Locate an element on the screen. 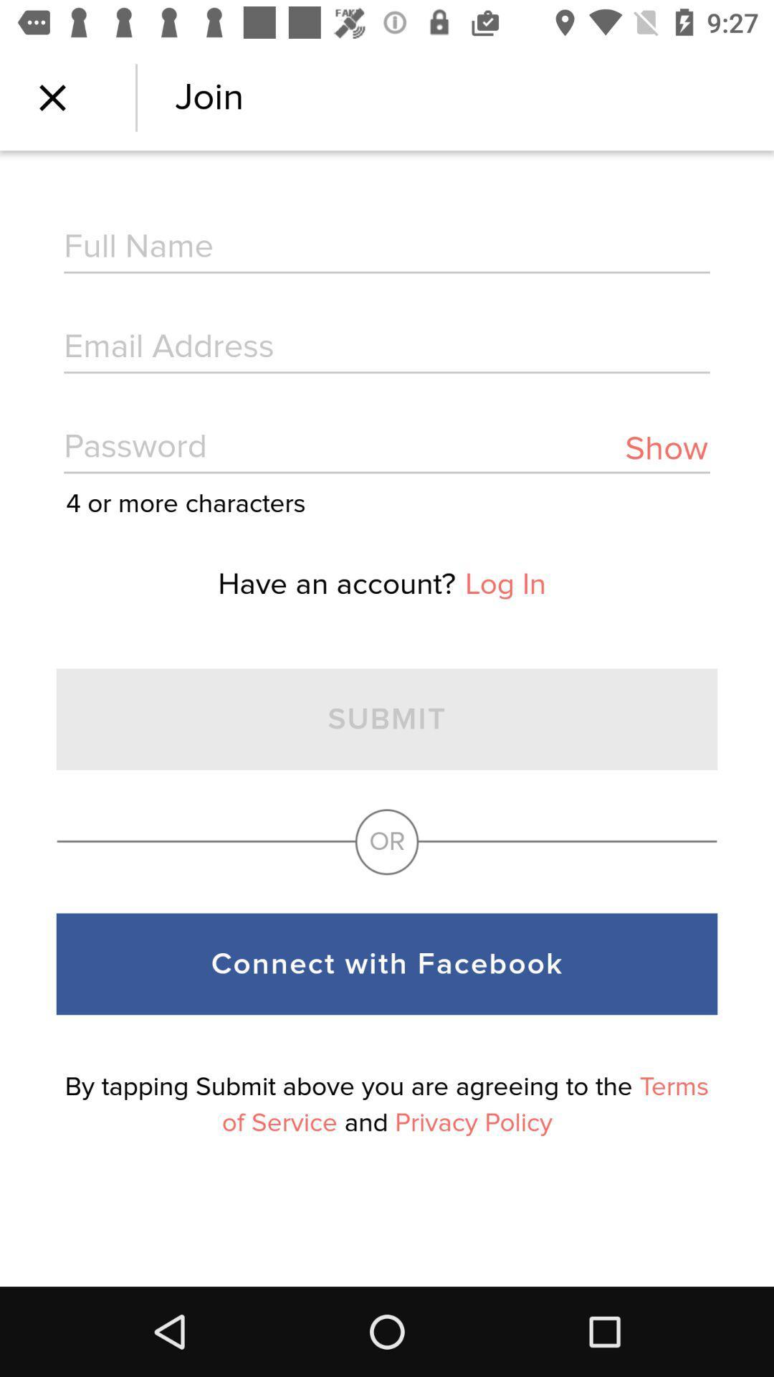 The width and height of the screenshot is (774, 1377). icon to the right of have an account? item is located at coordinates (505, 585).